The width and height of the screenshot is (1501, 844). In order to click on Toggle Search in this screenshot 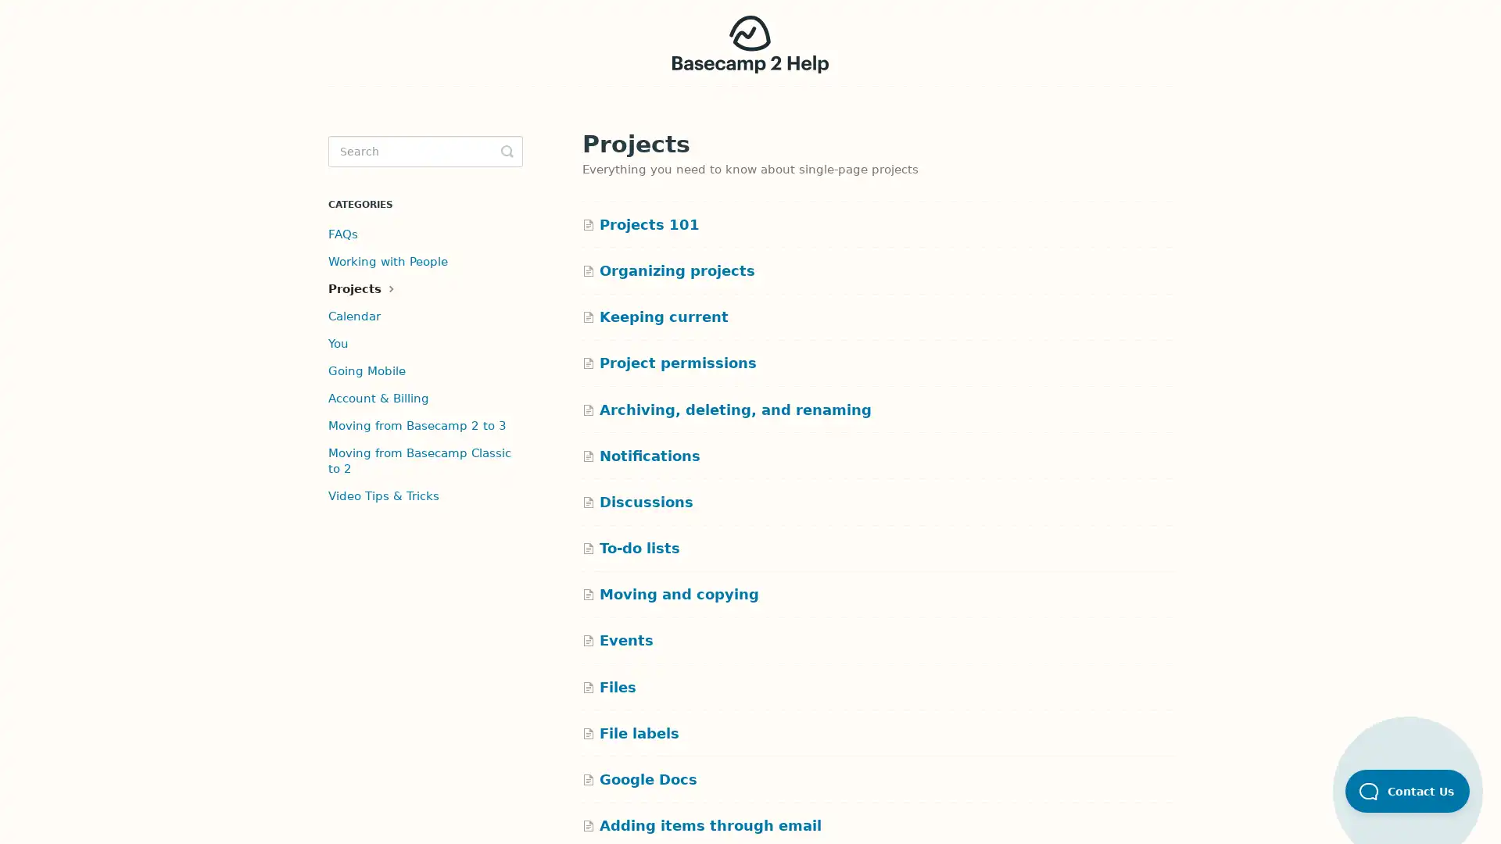, I will do `click(507, 151)`.